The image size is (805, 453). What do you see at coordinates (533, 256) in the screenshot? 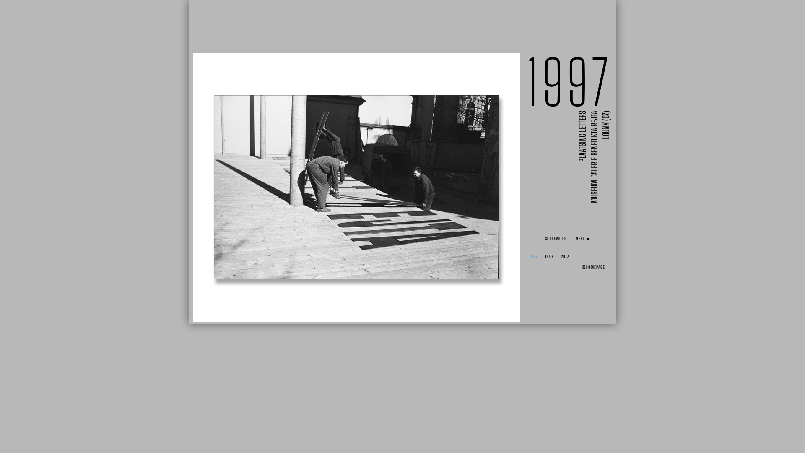
I see `'1997'` at bounding box center [533, 256].